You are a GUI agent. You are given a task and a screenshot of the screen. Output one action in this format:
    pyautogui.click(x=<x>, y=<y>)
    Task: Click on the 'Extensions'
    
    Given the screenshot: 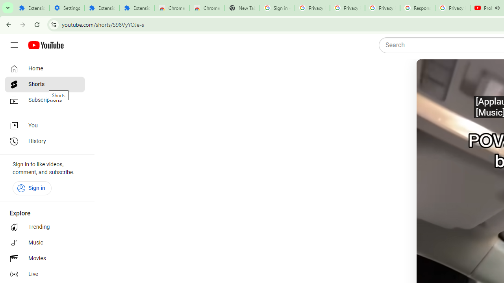 What is the action you would take?
    pyautogui.click(x=137, y=8)
    